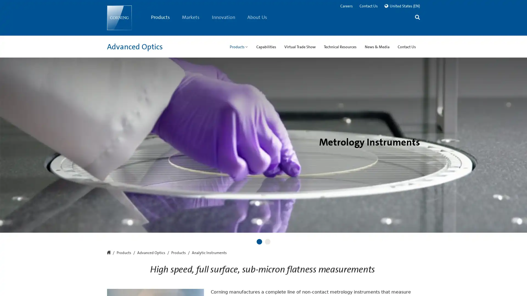 The width and height of the screenshot is (527, 296). I want to click on 1, so click(259, 241).